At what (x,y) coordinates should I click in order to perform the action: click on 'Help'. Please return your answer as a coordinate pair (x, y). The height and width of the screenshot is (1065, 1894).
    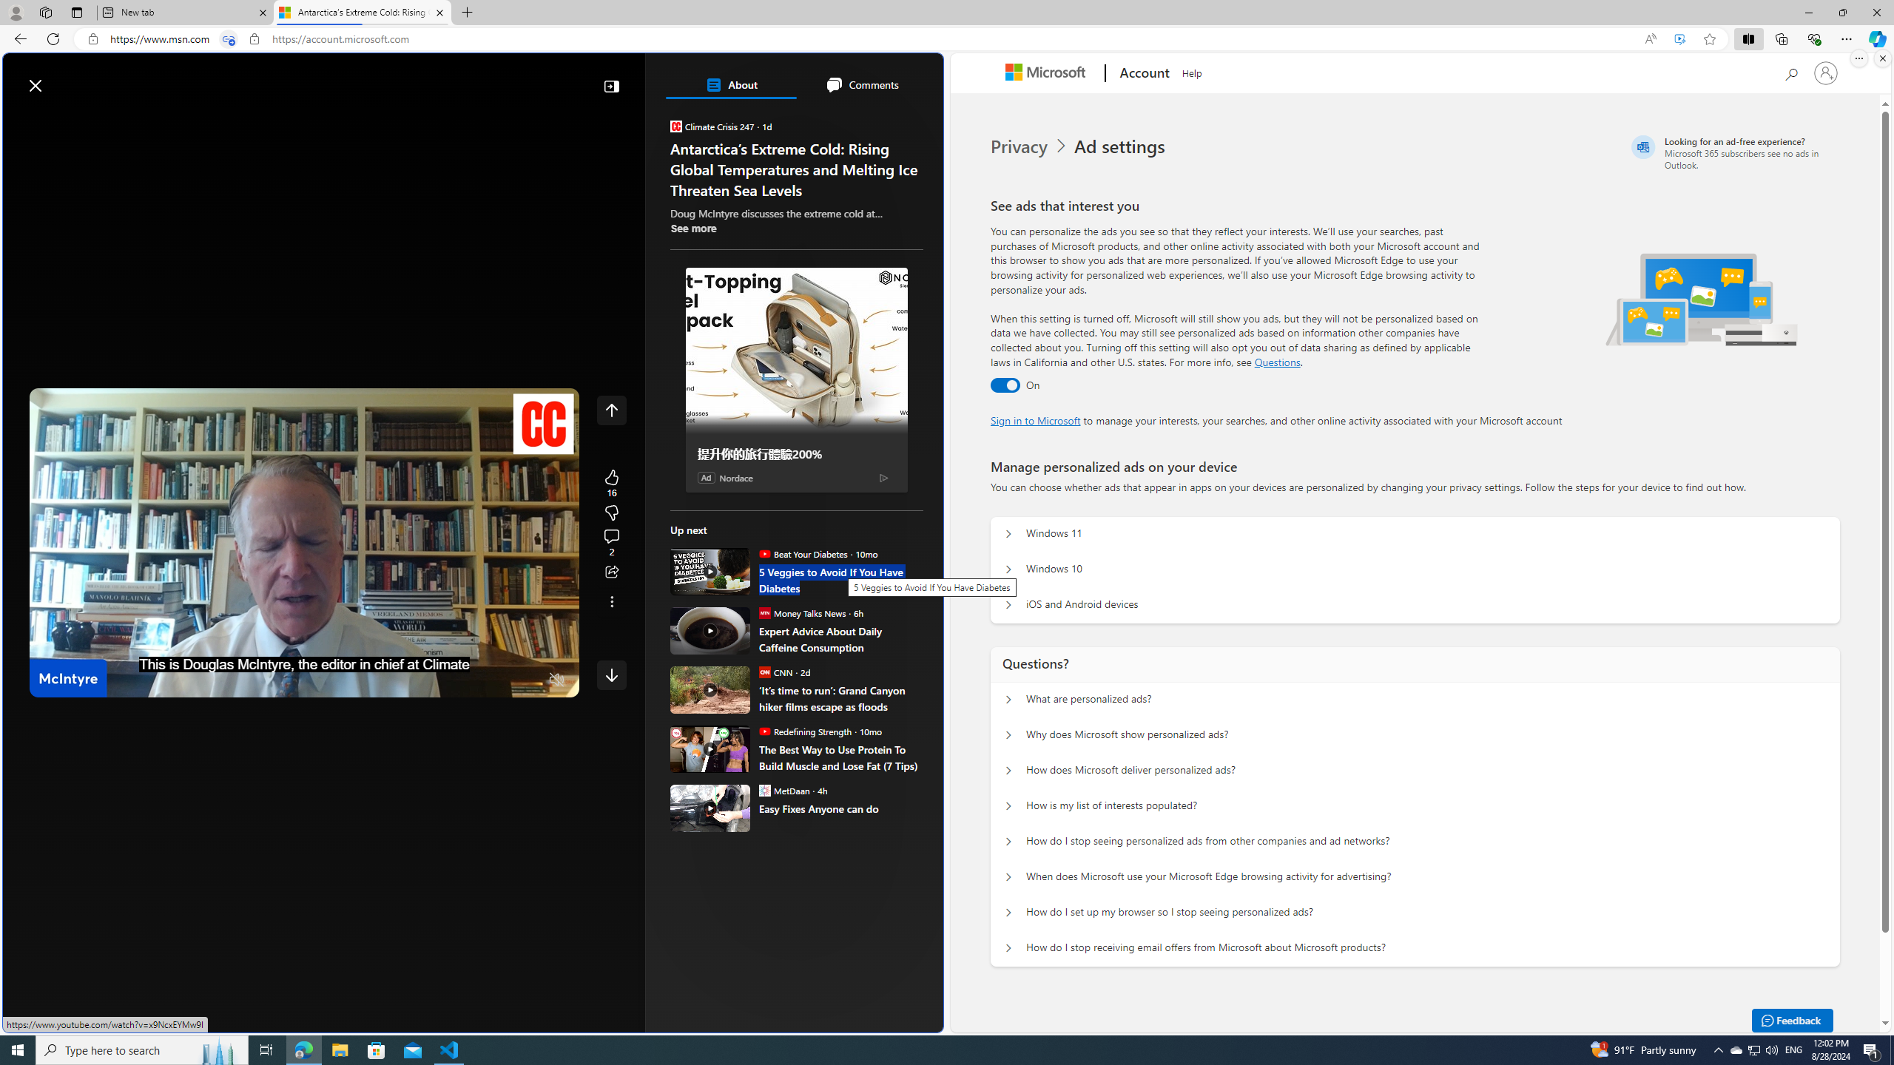
    Looking at the image, I should click on (1191, 71).